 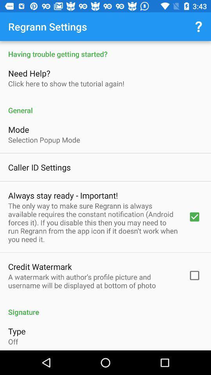 What do you see at coordinates (105, 195) in the screenshot?
I see `mark box` at bounding box center [105, 195].